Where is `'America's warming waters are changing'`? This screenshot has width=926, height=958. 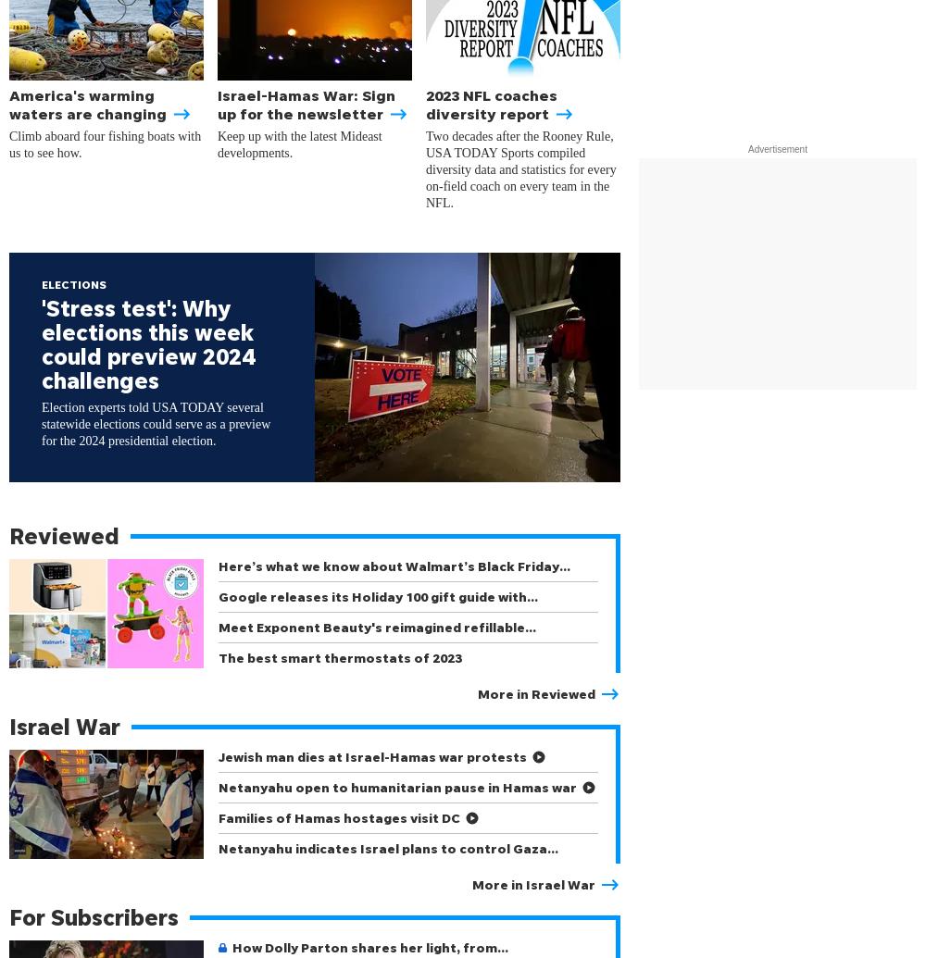 'America's warming waters are changing' is located at coordinates (100, 105).